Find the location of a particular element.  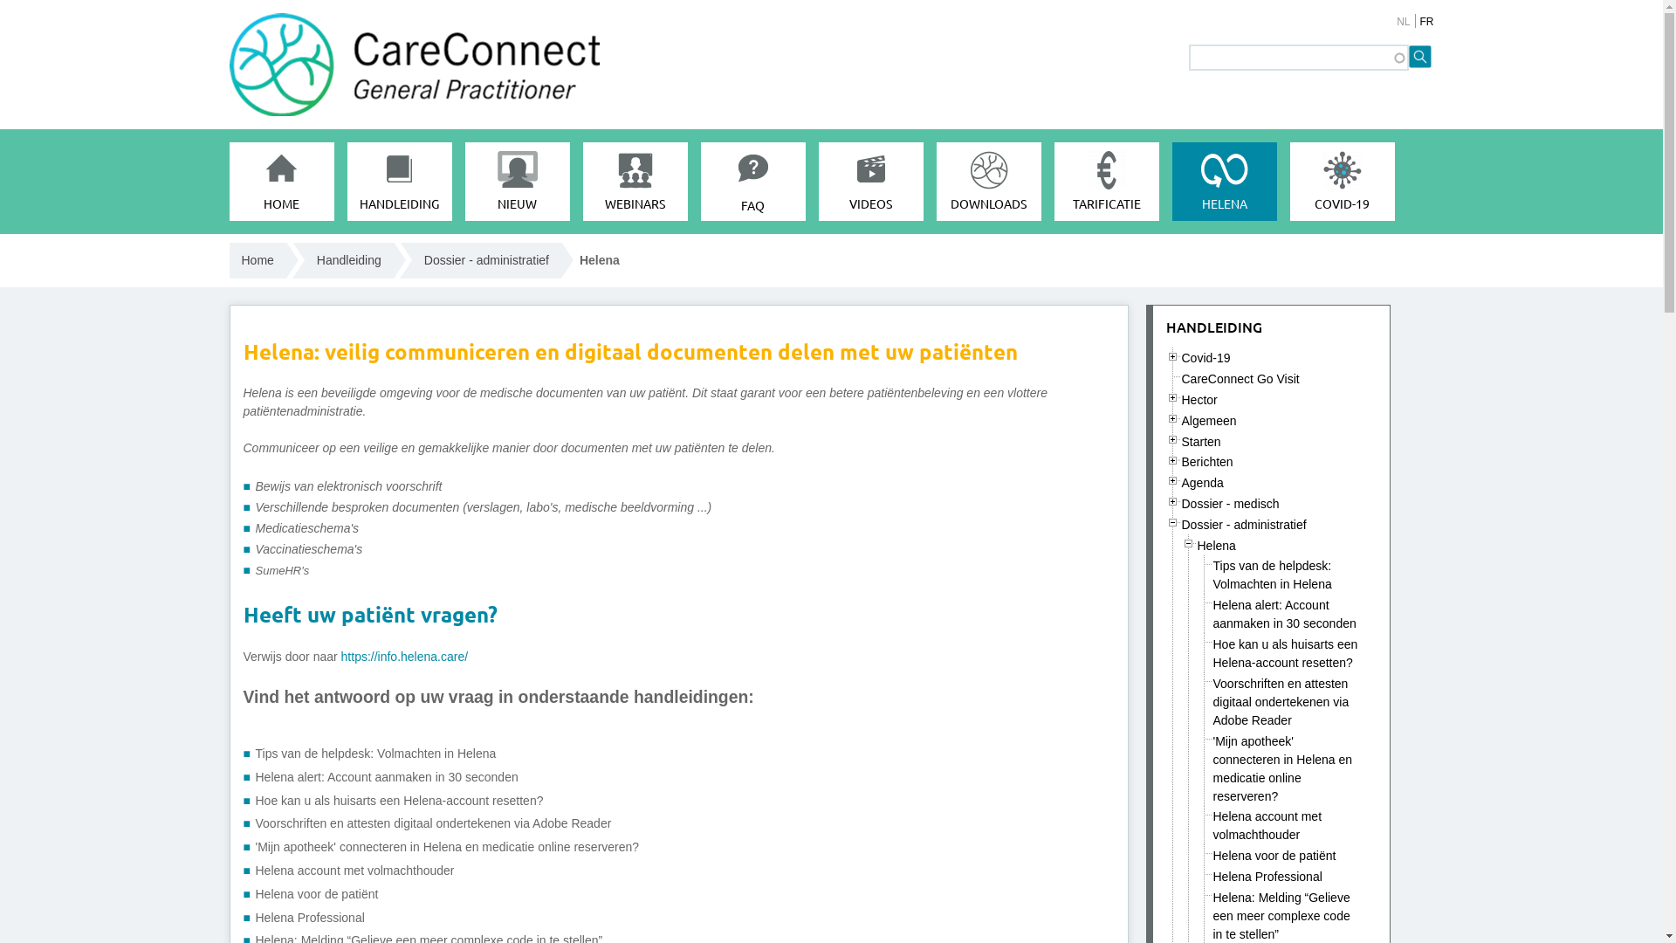

' ' is located at coordinates (1181, 542).